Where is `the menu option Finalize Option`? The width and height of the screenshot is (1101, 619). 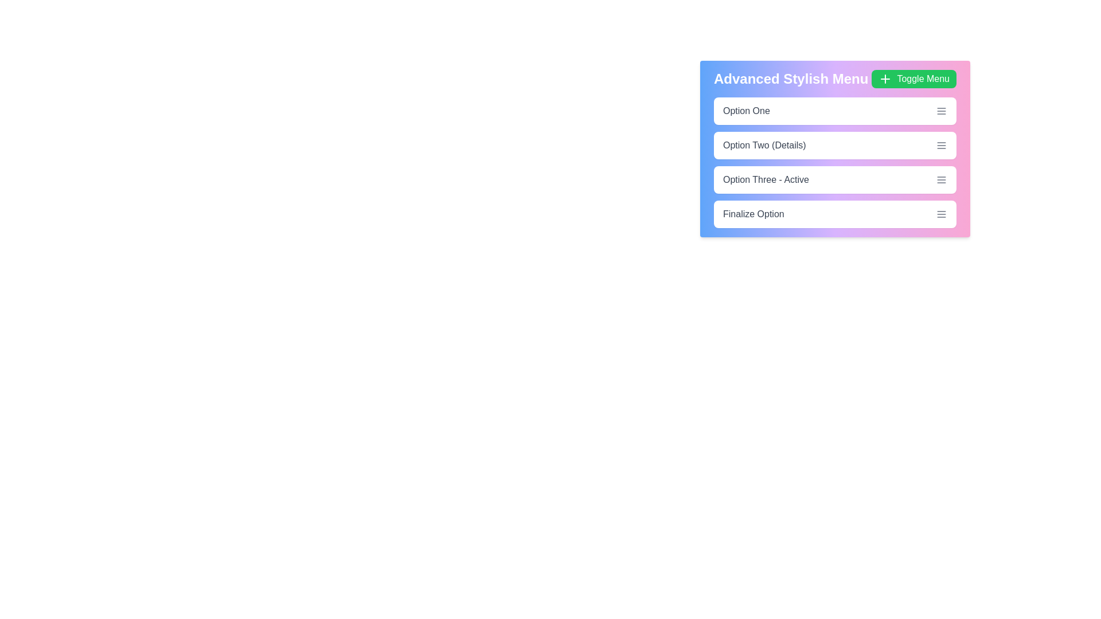 the menu option Finalize Option is located at coordinates (835, 214).